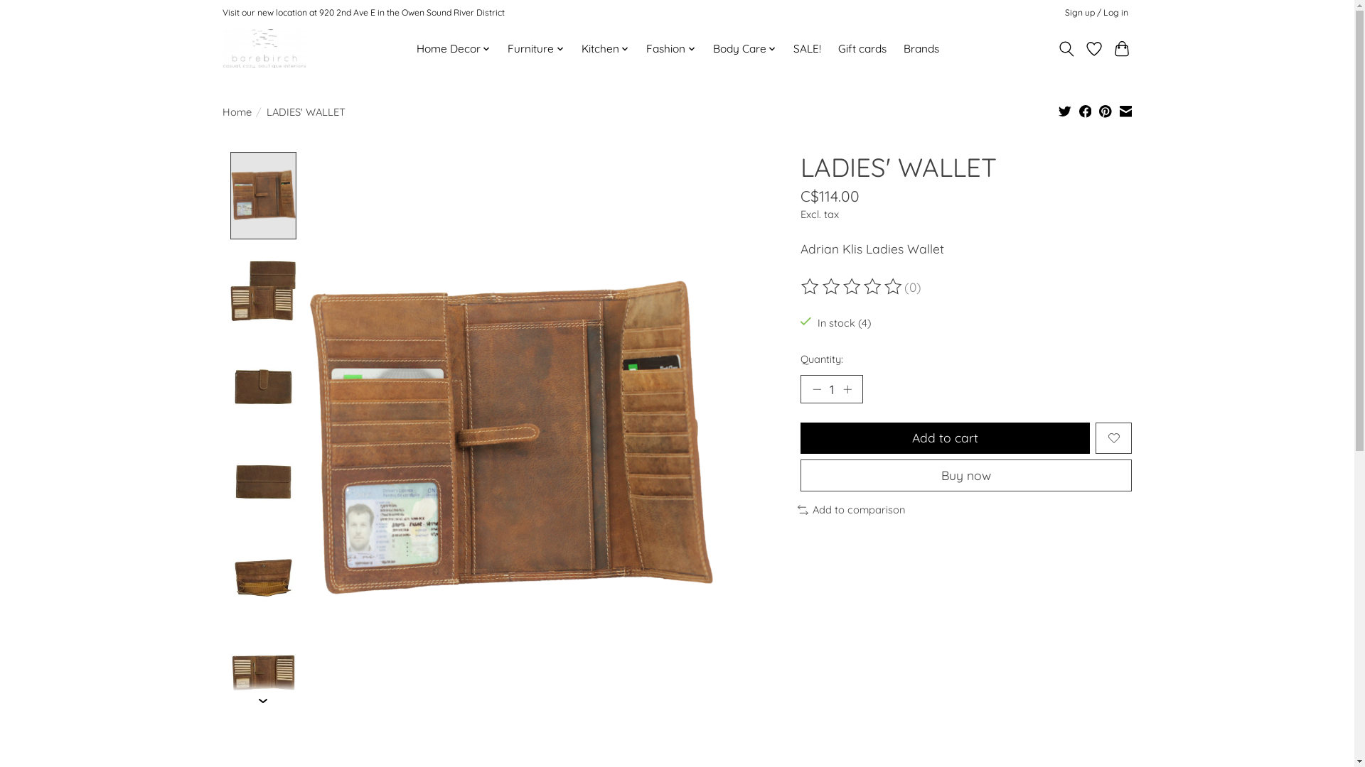 Image resolution: width=1365 pixels, height=767 pixels. I want to click on 'Body Care', so click(743, 48).